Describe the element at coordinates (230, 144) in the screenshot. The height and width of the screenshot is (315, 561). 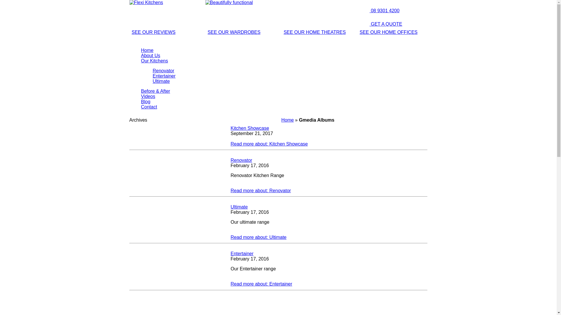
I see `'Read more about: Kitchen Showcase'` at that location.